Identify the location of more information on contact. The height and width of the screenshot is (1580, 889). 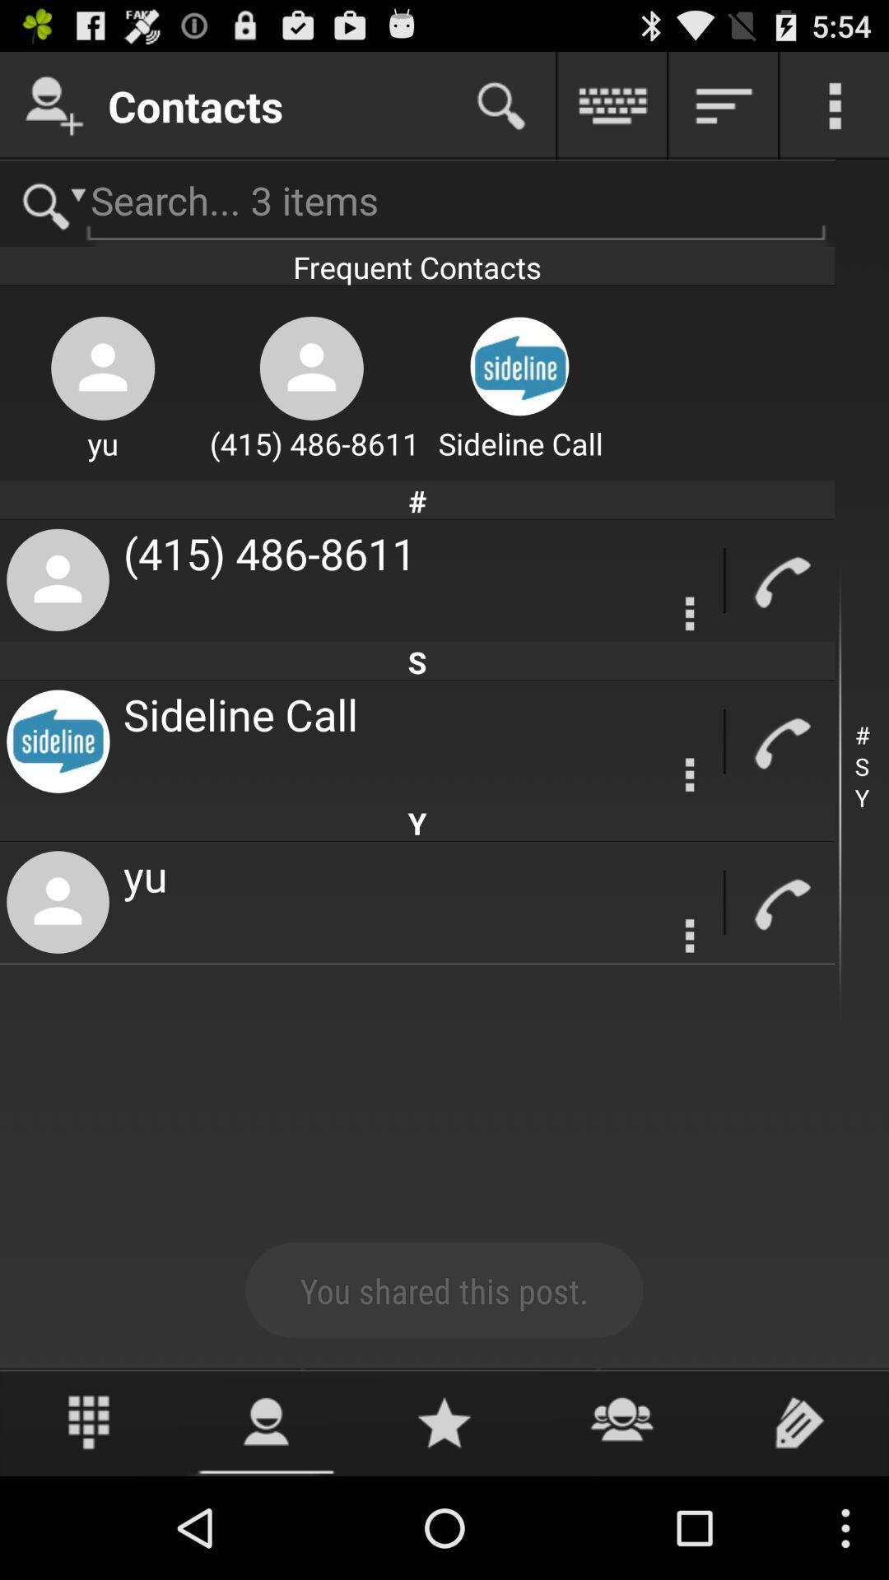
(690, 936).